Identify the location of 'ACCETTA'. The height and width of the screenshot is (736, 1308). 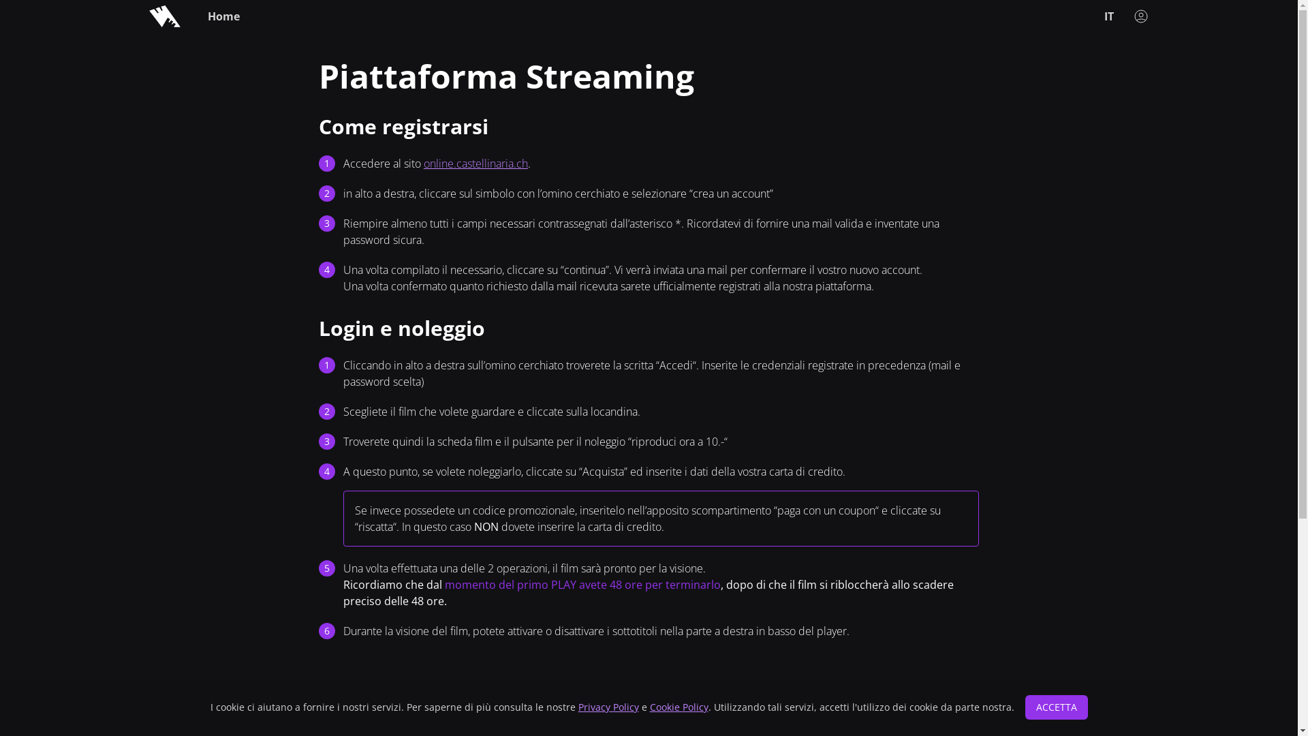
(1024, 706).